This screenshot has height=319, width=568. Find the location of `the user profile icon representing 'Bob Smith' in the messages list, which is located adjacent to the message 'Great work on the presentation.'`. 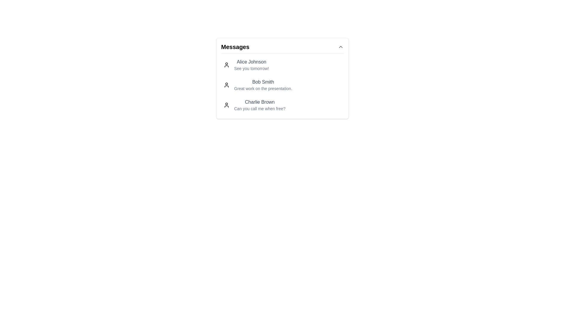

the user profile icon representing 'Bob Smith' in the messages list, which is located adjacent to the message 'Great work on the presentation.' is located at coordinates (226, 85).